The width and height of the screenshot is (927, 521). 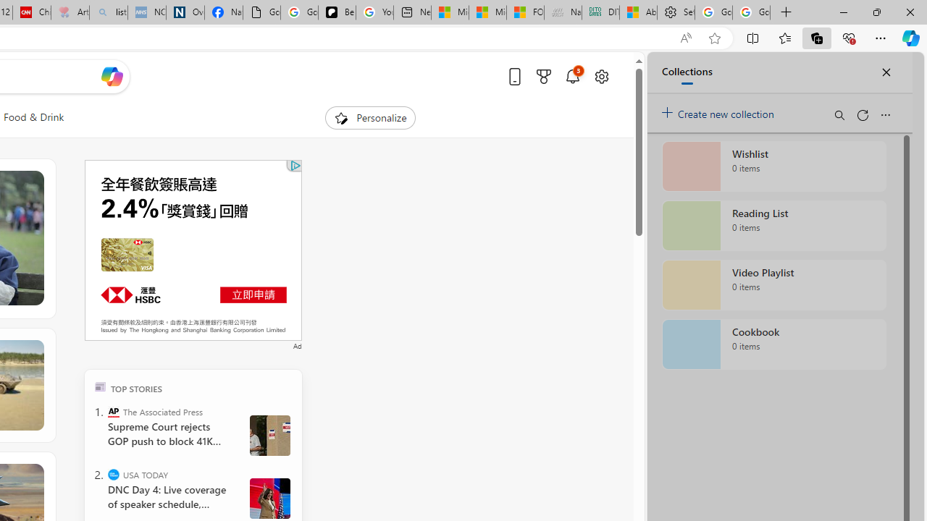 What do you see at coordinates (336, 12) in the screenshot?
I see `'Be Smart | creating Science videos | Patreon'` at bounding box center [336, 12].